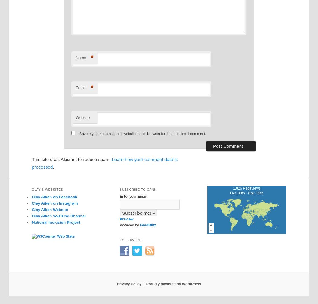  What do you see at coordinates (55, 203) in the screenshot?
I see `'Clay Aiken on Instagram'` at bounding box center [55, 203].